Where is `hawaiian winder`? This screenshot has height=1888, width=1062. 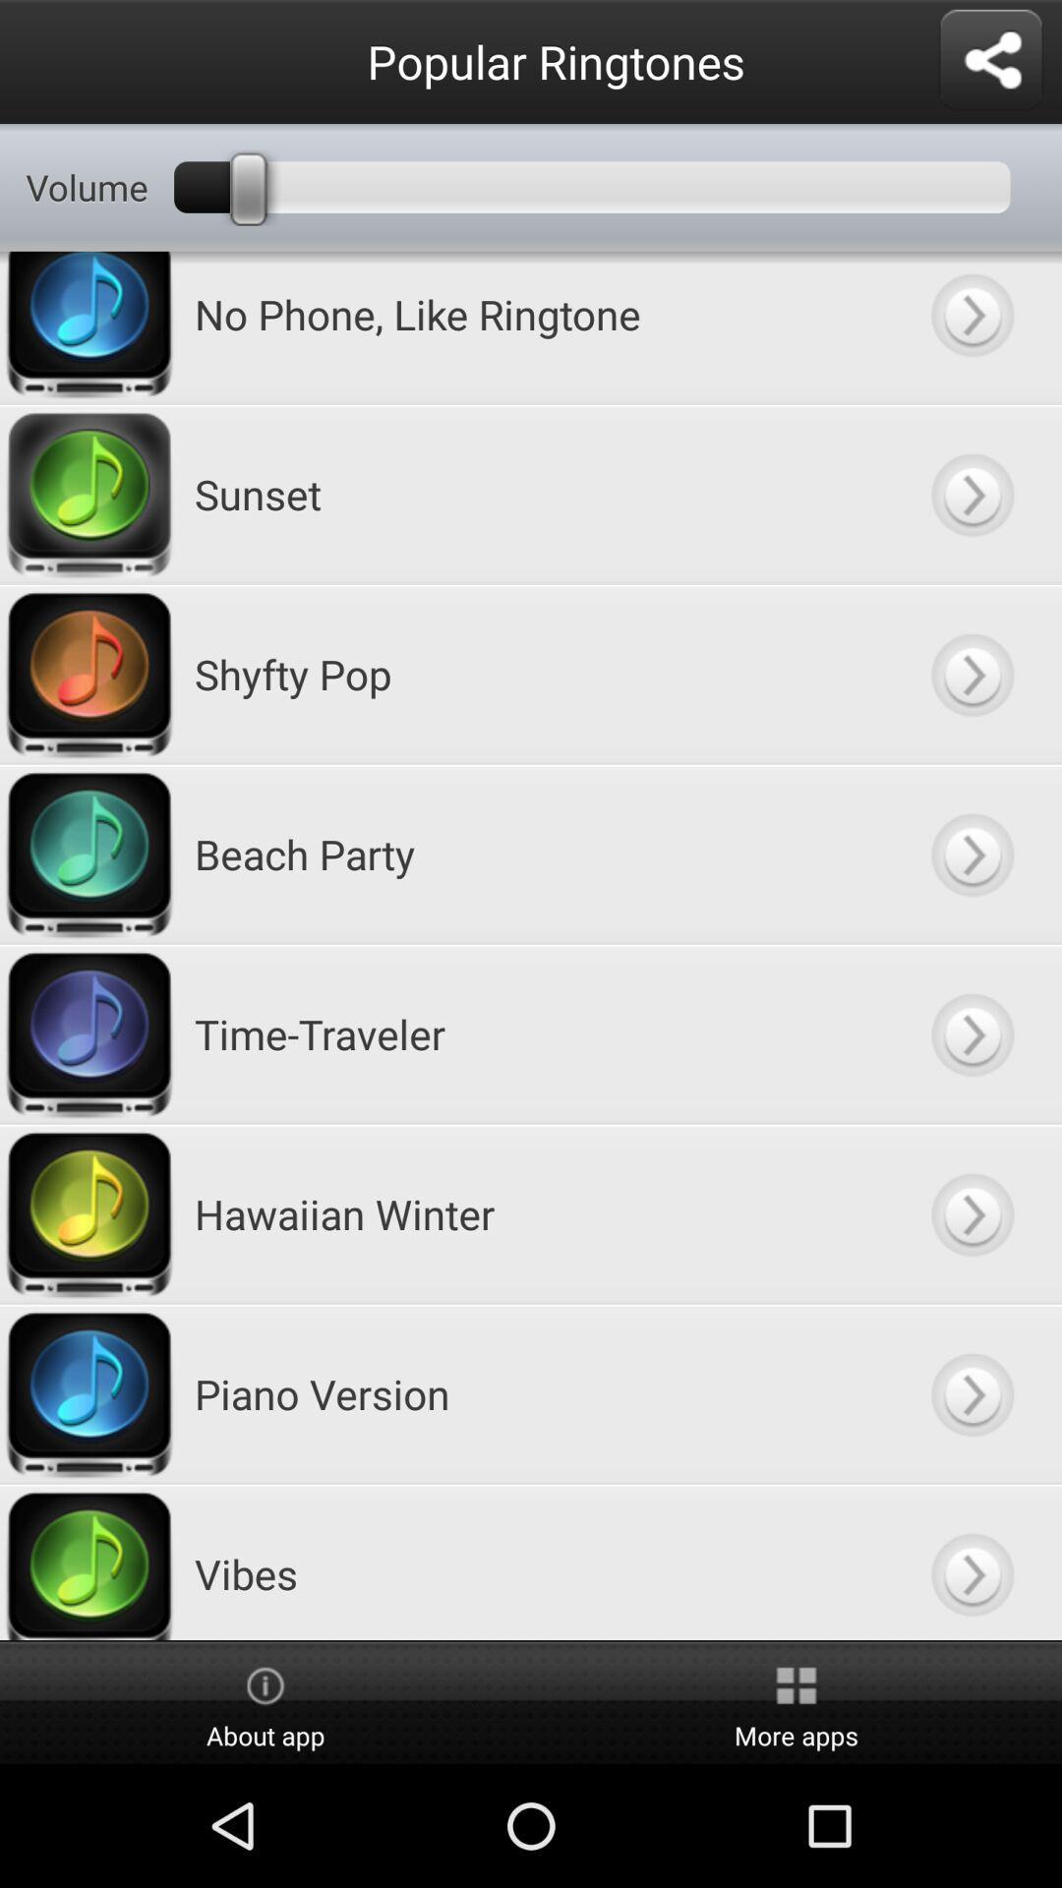 hawaiian winder is located at coordinates (971, 1212).